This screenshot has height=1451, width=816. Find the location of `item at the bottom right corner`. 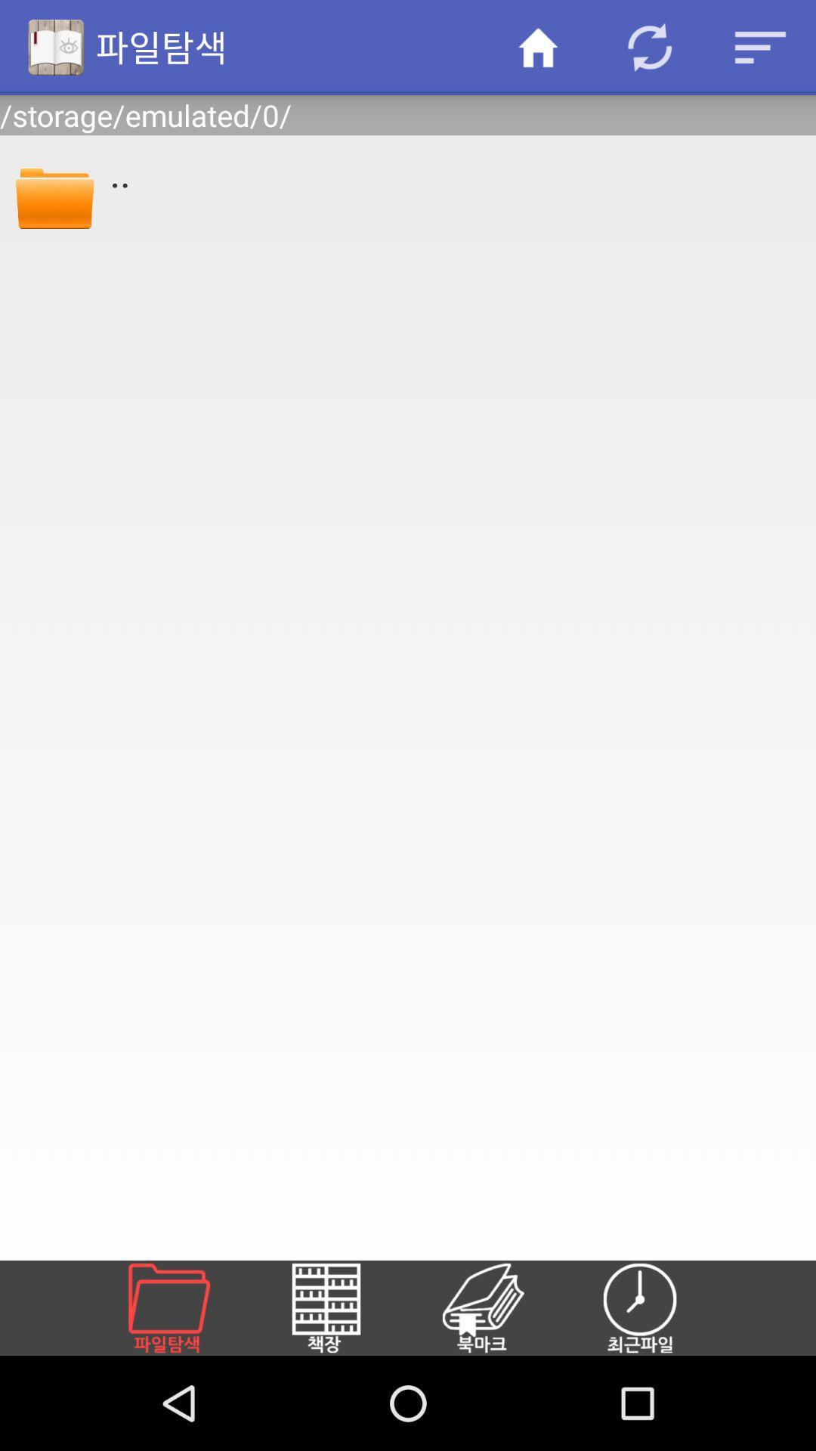

item at the bottom right corner is located at coordinates (657, 1307).